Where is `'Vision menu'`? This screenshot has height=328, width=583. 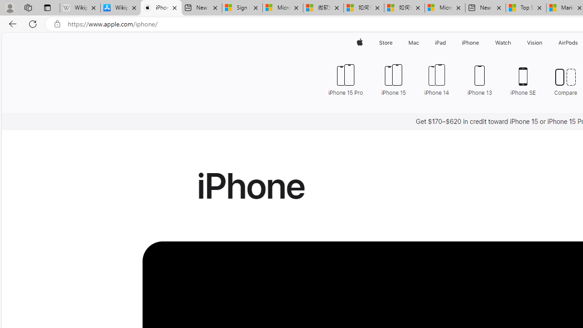
'Vision menu' is located at coordinates (544, 42).